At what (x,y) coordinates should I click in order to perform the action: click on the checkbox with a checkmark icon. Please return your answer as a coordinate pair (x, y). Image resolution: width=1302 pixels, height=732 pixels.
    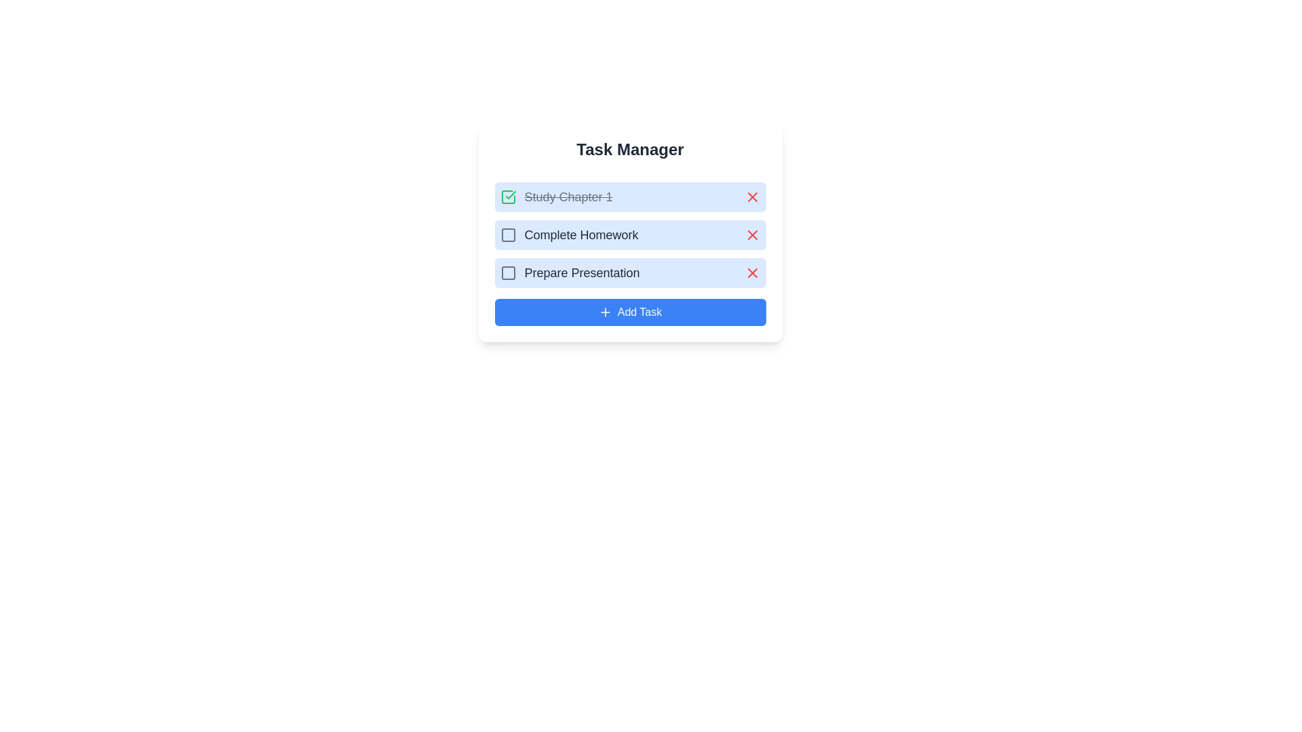
    Looking at the image, I should click on (507, 197).